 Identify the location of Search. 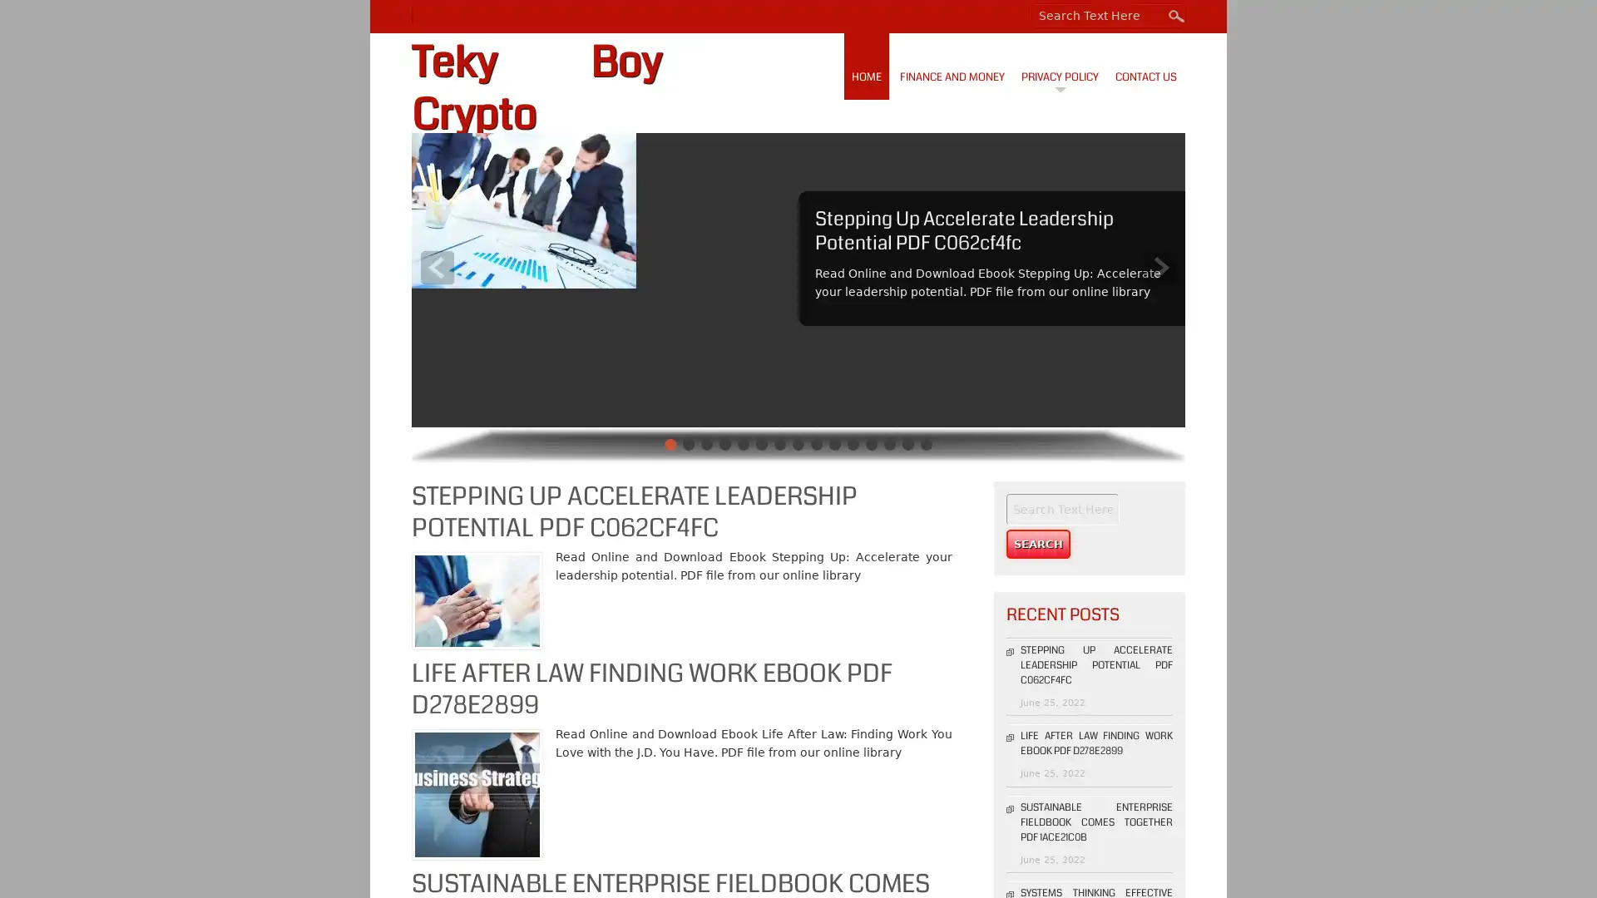
(1037, 544).